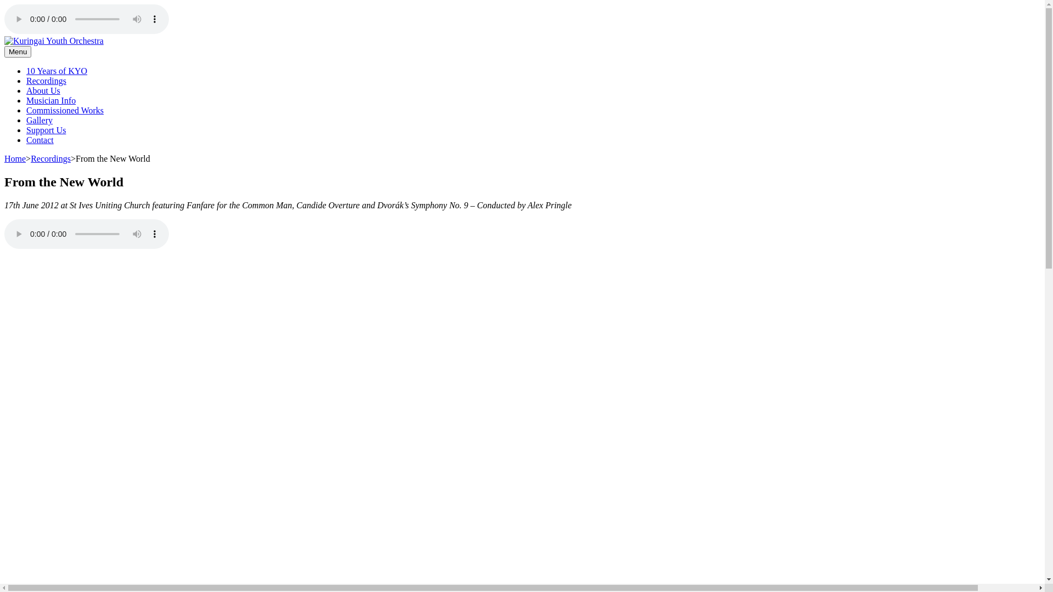 The height and width of the screenshot is (592, 1053). What do you see at coordinates (4, 158) in the screenshot?
I see `'Home'` at bounding box center [4, 158].